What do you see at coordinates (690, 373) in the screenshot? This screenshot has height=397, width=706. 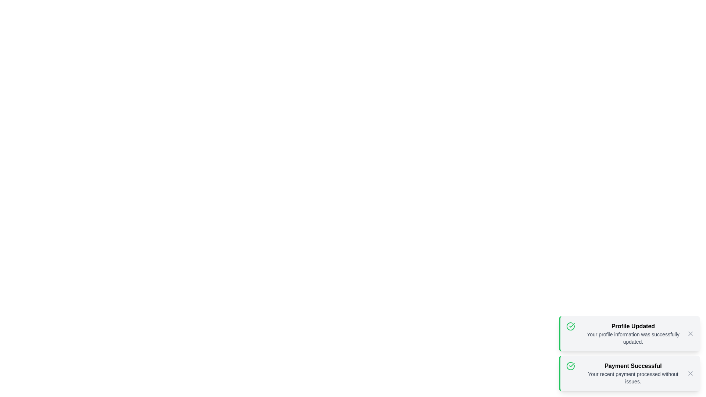 I see `the close button of the notification with title Payment Successful` at bounding box center [690, 373].